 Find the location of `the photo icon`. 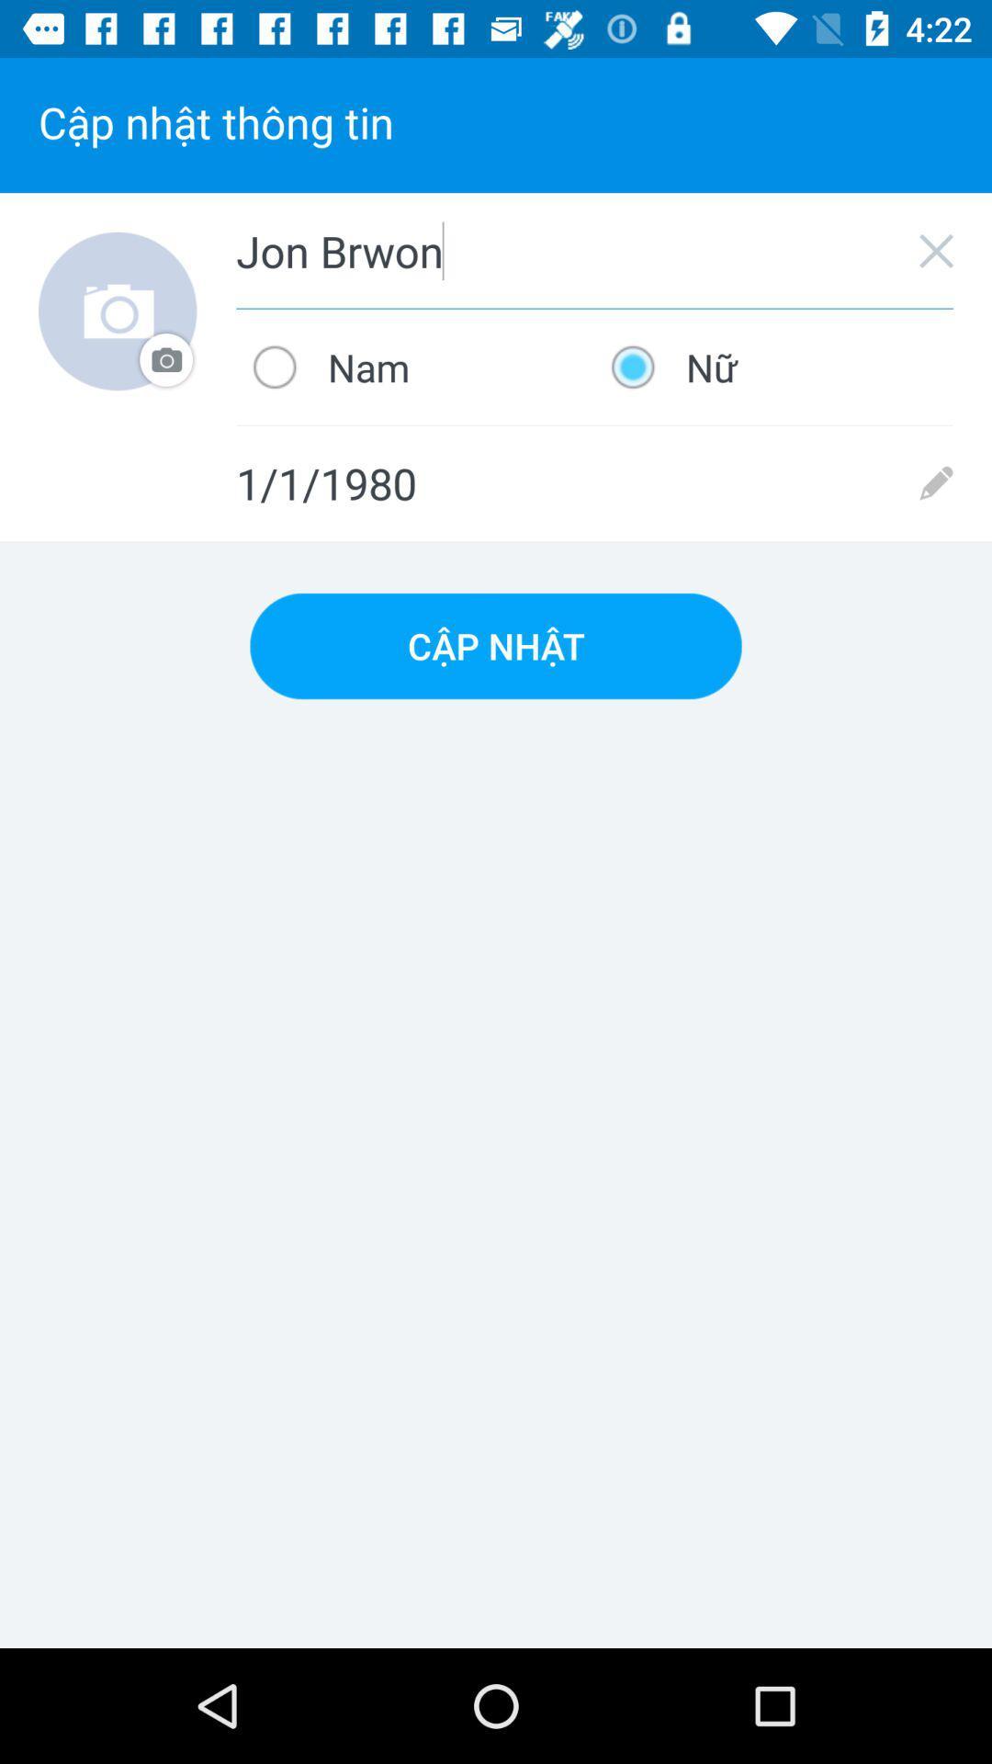

the photo icon is located at coordinates (118, 311).